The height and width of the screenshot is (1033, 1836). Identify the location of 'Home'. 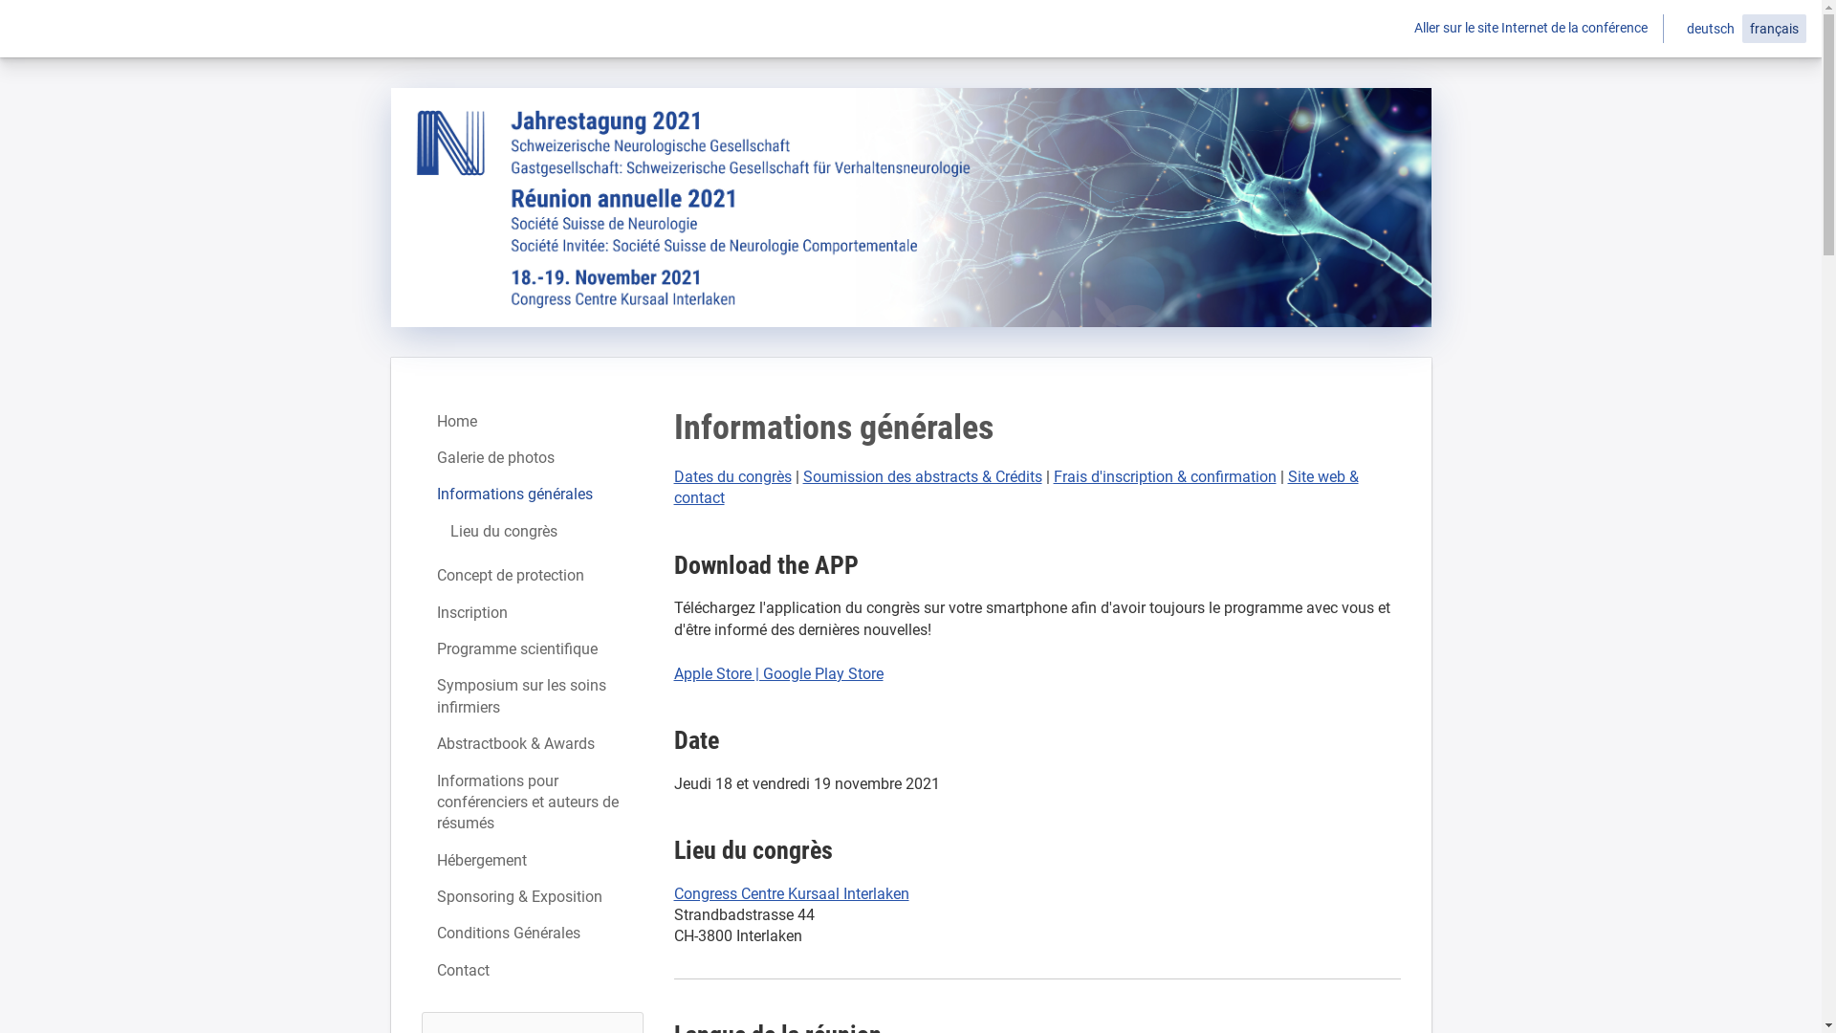
(532, 420).